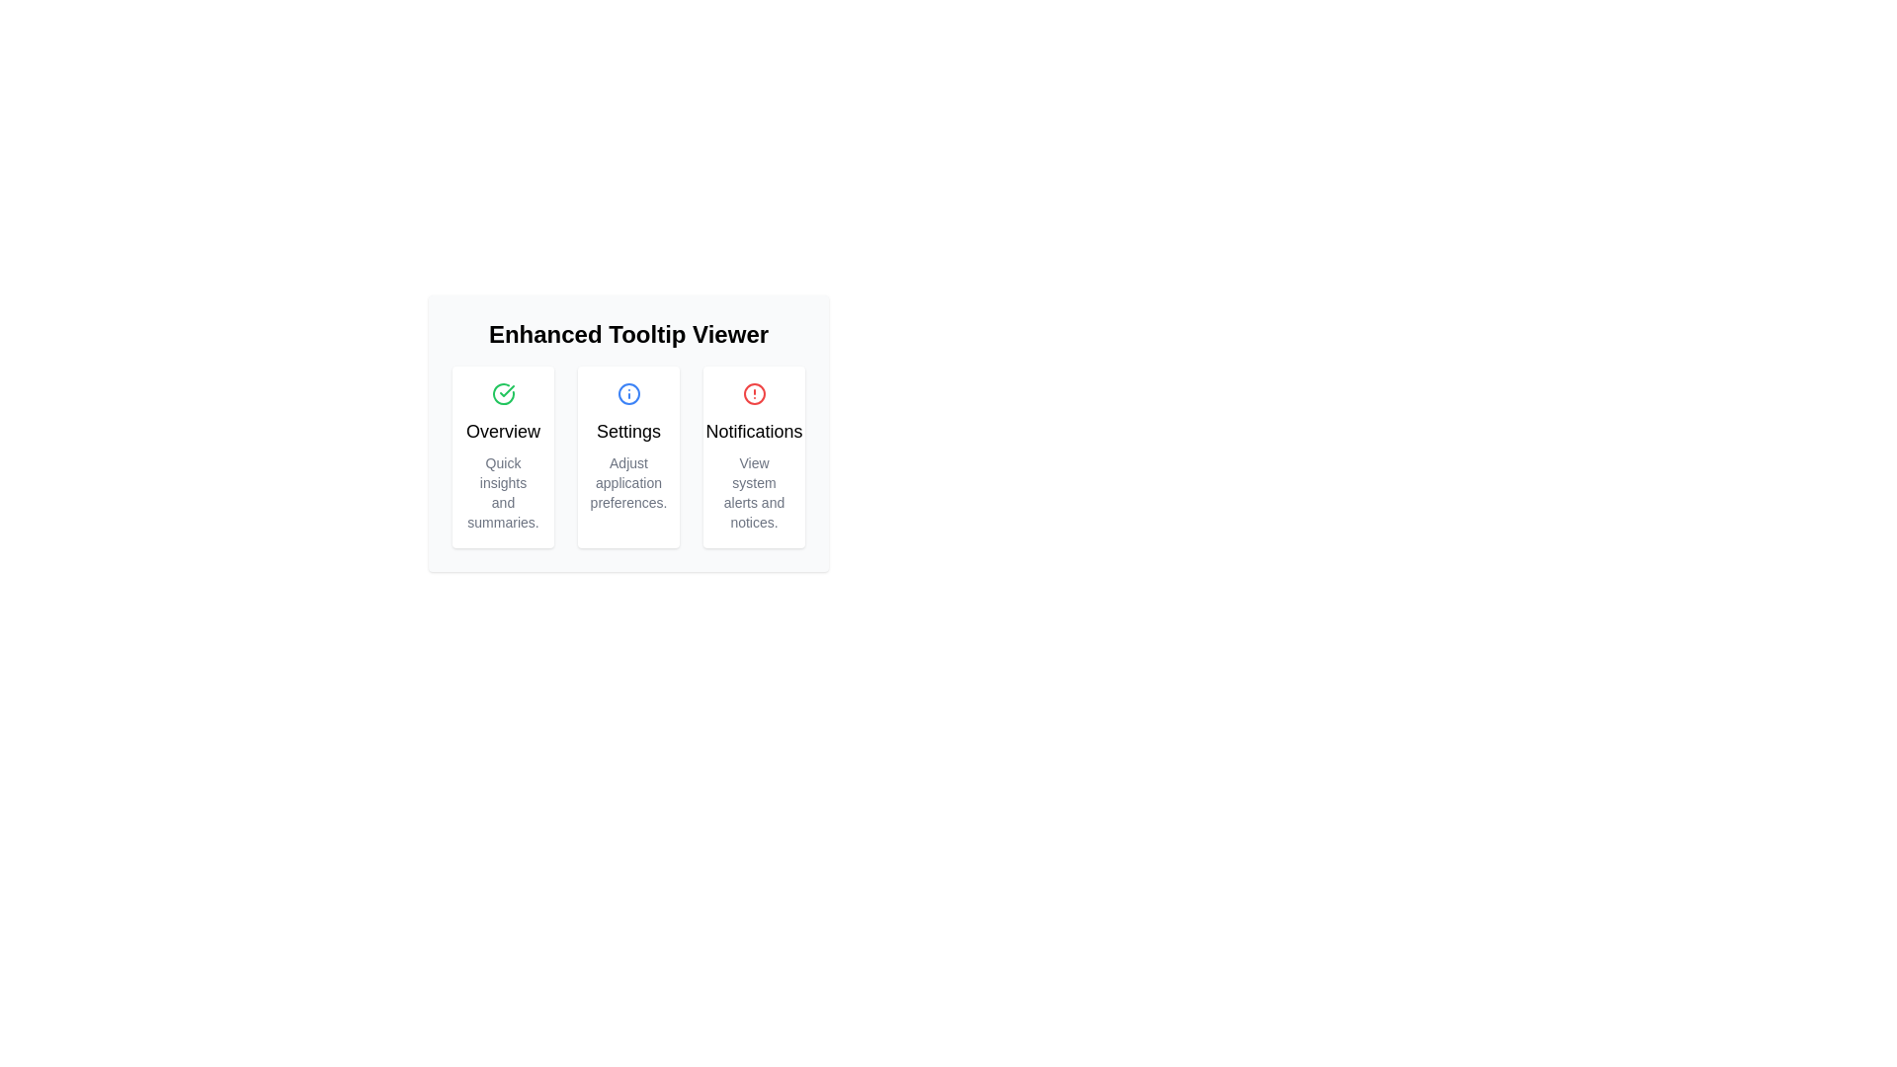  I want to click on the Notification icon, which is a circular element located in the 'Notifications' labeled box, positioned above the text content, so click(753, 393).